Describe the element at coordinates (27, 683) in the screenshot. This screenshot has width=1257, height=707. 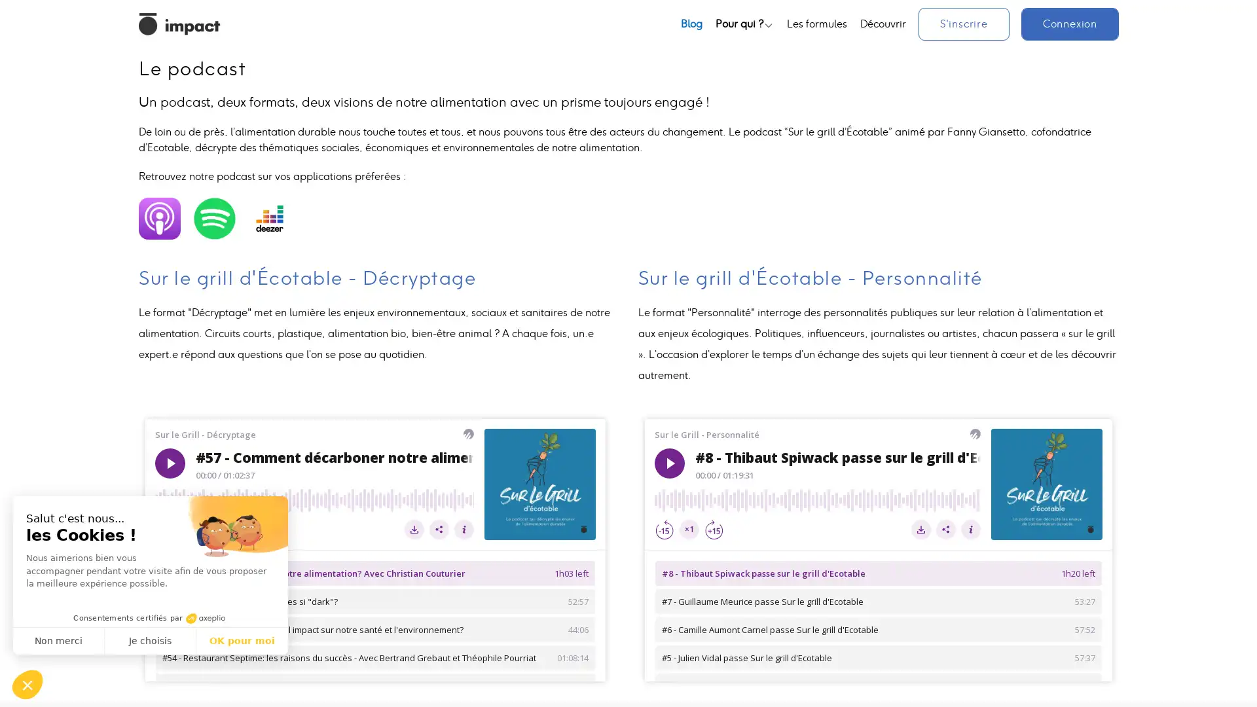
I see `Fermer` at that location.